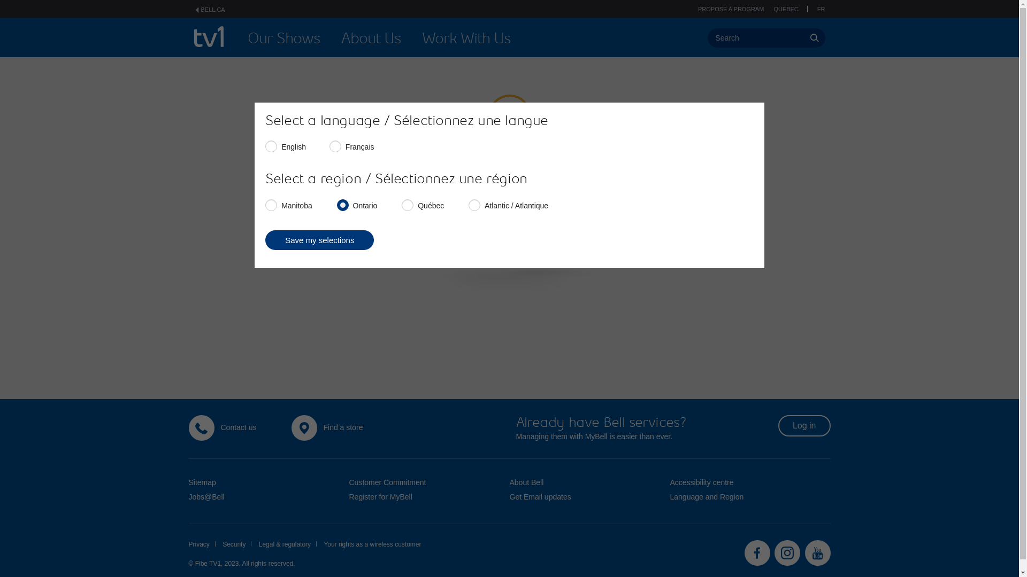 This screenshot has height=577, width=1027. What do you see at coordinates (526, 482) in the screenshot?
I see `'About Bell'` at bounding box center [526, 482].